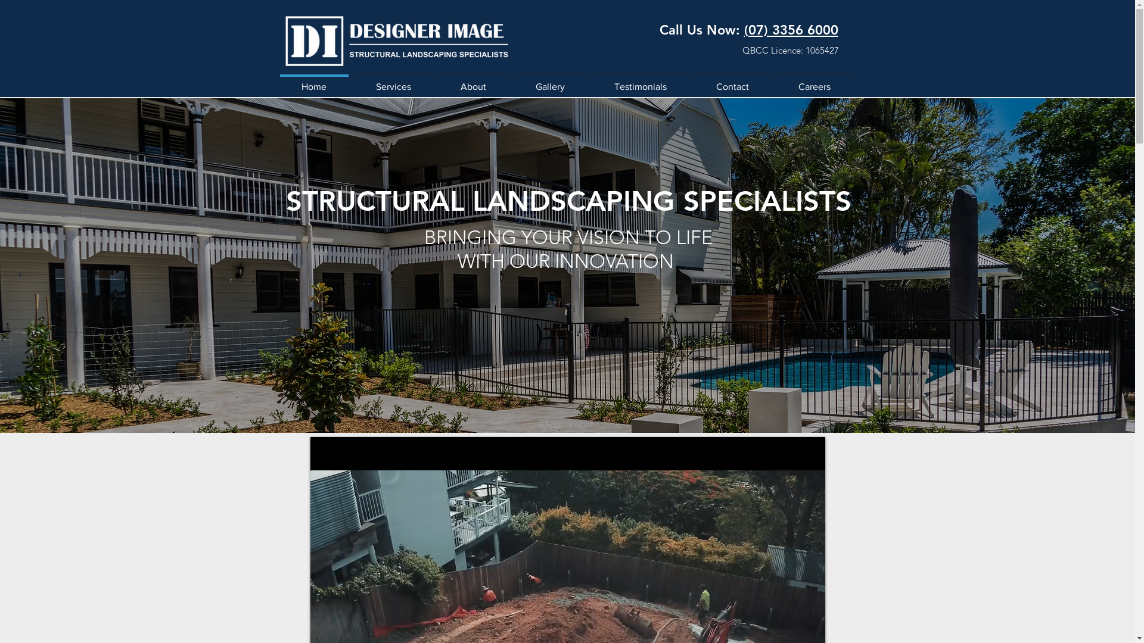 The width and height of the screenshot is (1144, 643). What do you see at coordinates (394, 80) in the screenshot?
I see `'Services'` at bounding box center [394, 80].